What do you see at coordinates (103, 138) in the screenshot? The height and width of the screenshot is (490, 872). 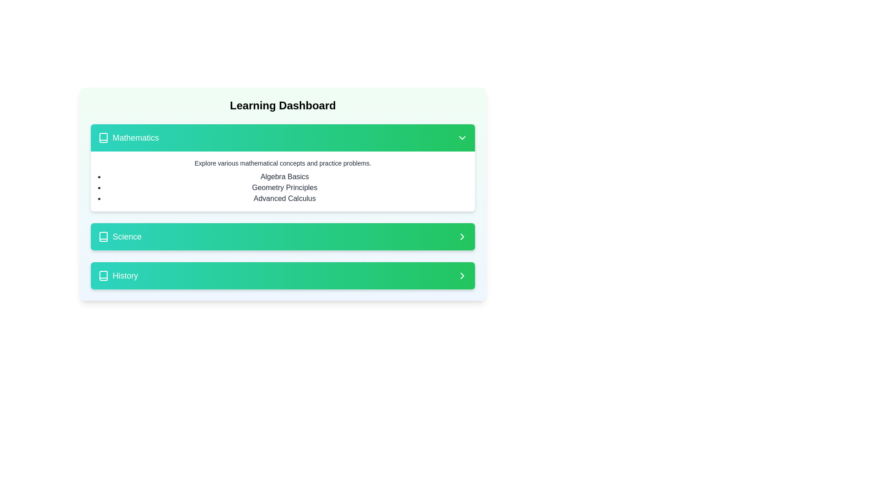 I see `the book-like icon with a minimalist design located next to the text 'Mathematics' in the header section` at bounding box center [103, 138].